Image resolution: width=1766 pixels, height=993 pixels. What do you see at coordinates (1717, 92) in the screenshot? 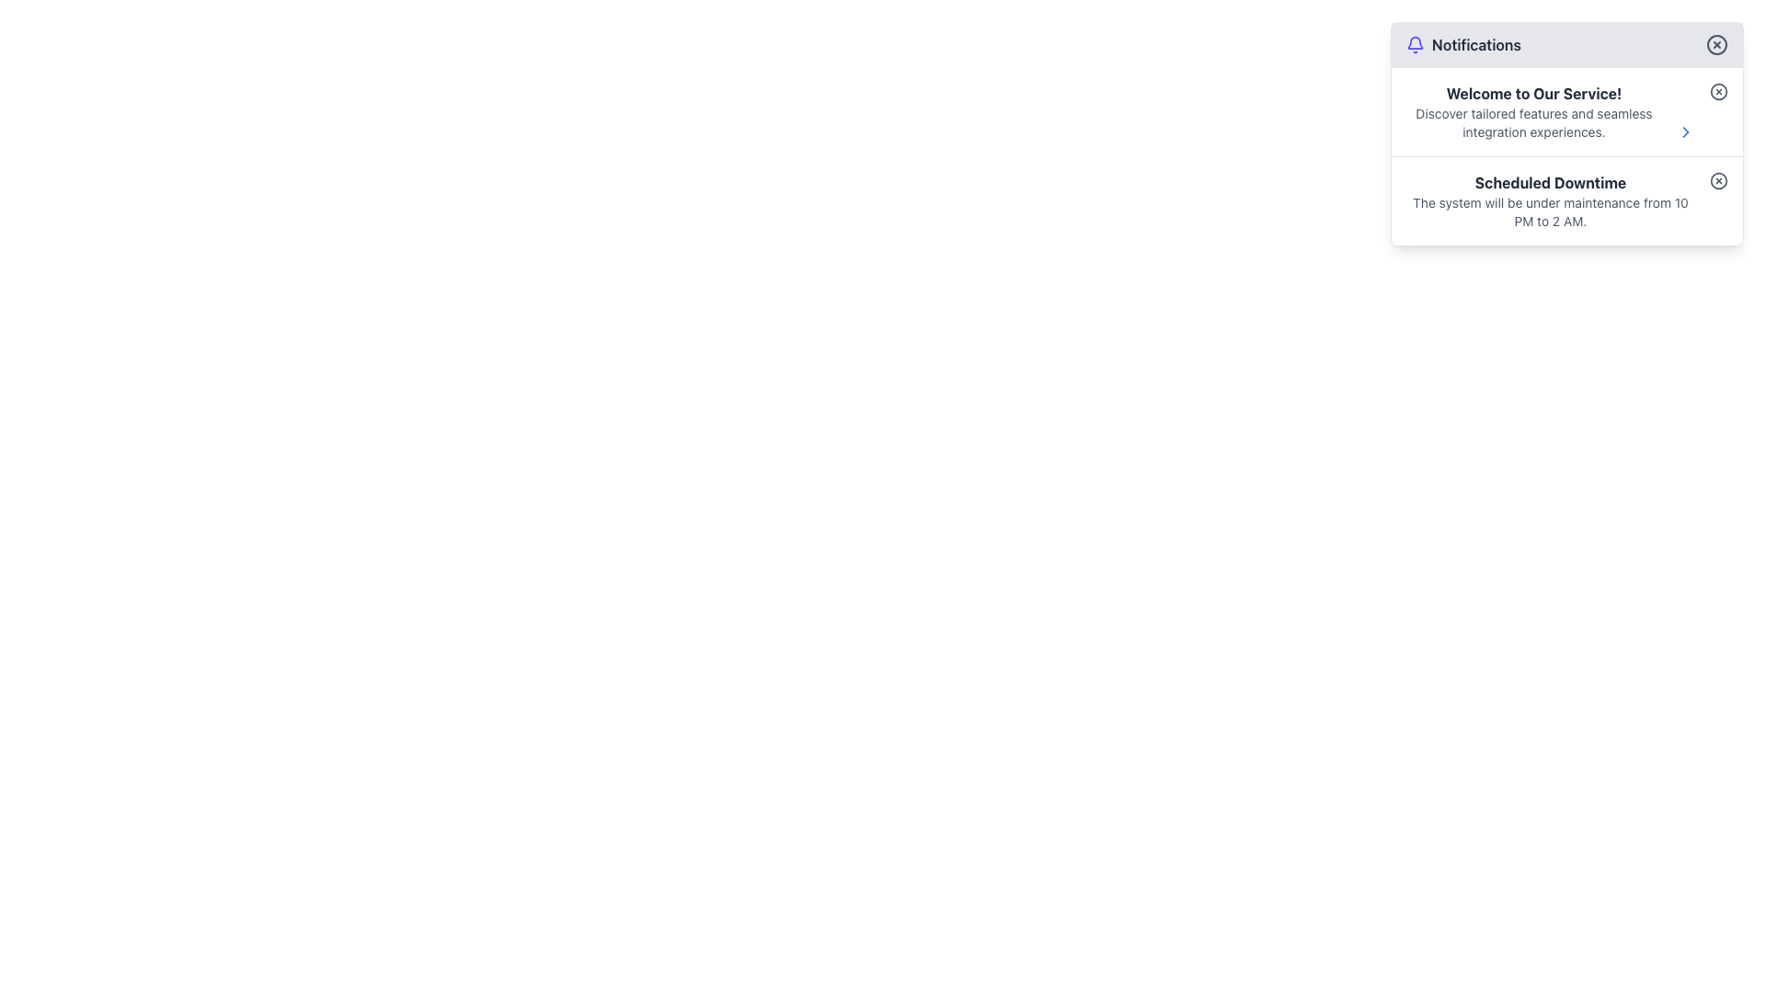
I see `the close button located at the top right corner of the notification card, adjacent to the header text 'Welcome to Our Service!'` at bounding box center [1717, 92].